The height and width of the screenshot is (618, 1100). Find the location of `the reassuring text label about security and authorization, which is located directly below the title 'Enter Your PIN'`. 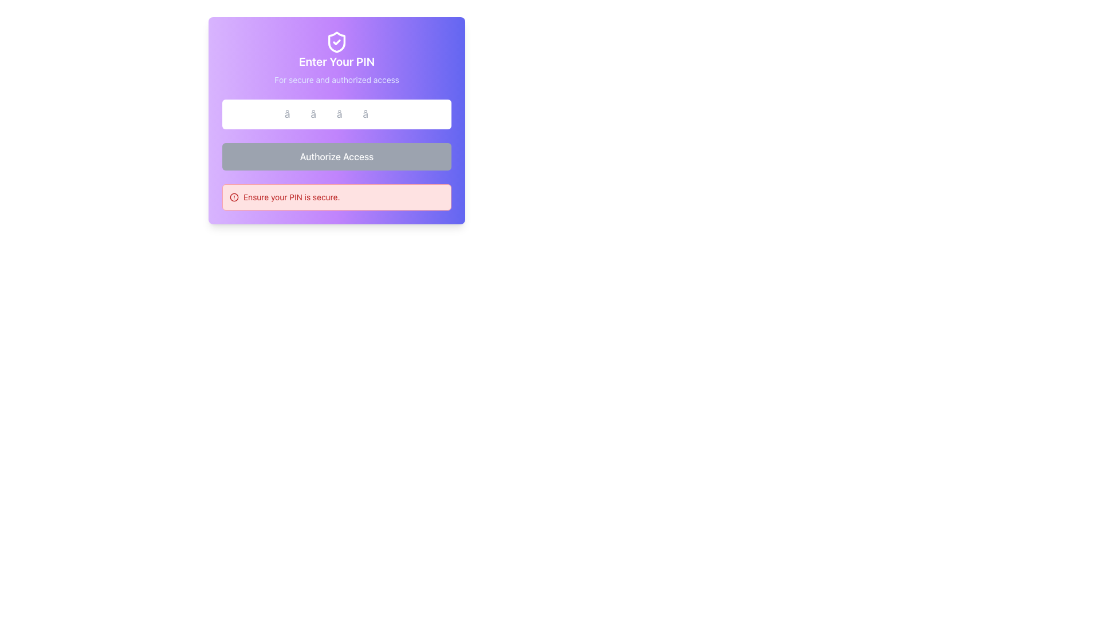

the reassuring text label about security and authorization, which is located directly below the title 'Enter Your PIN' is located at coordinates (336, 79).